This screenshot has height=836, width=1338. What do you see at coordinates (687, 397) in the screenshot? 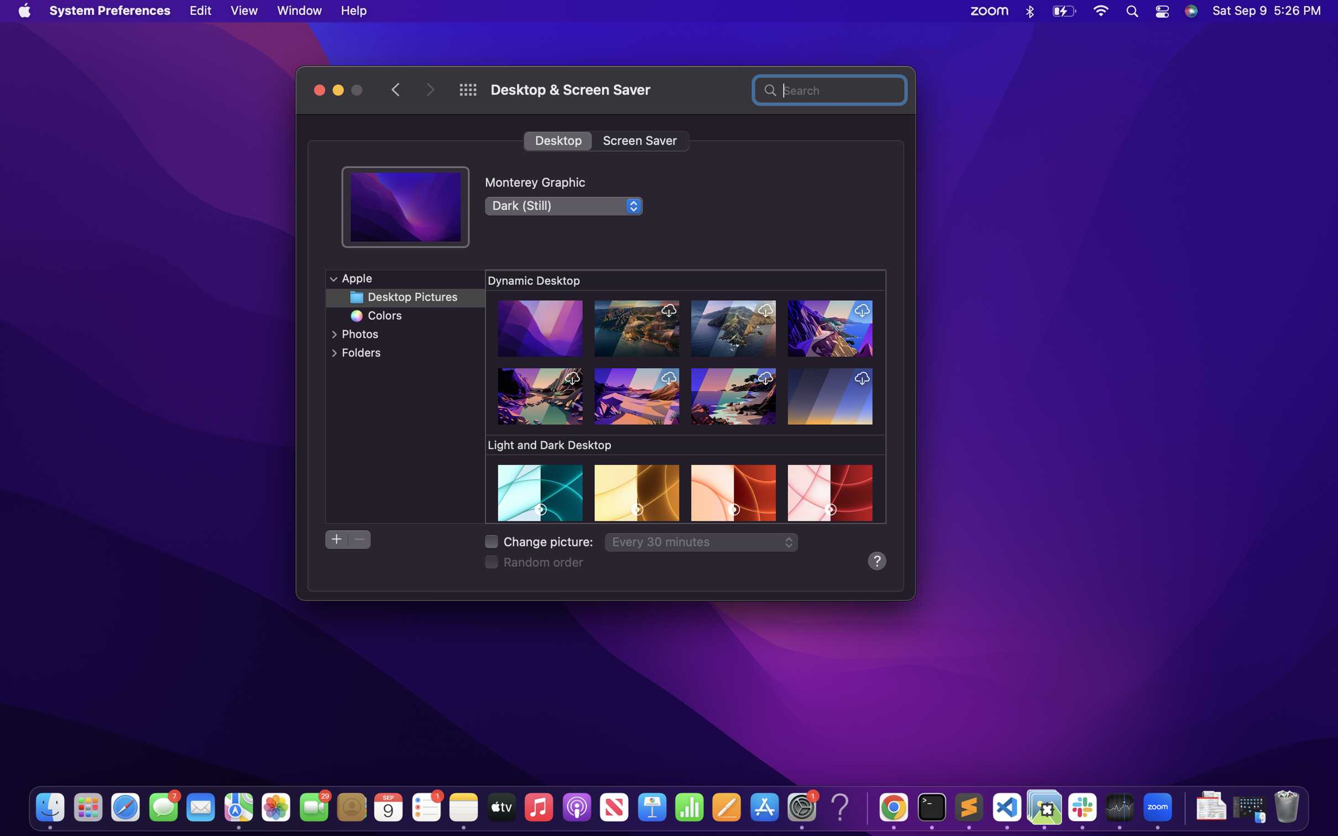
I see `Scroll down` at bounding box center [687, 397].